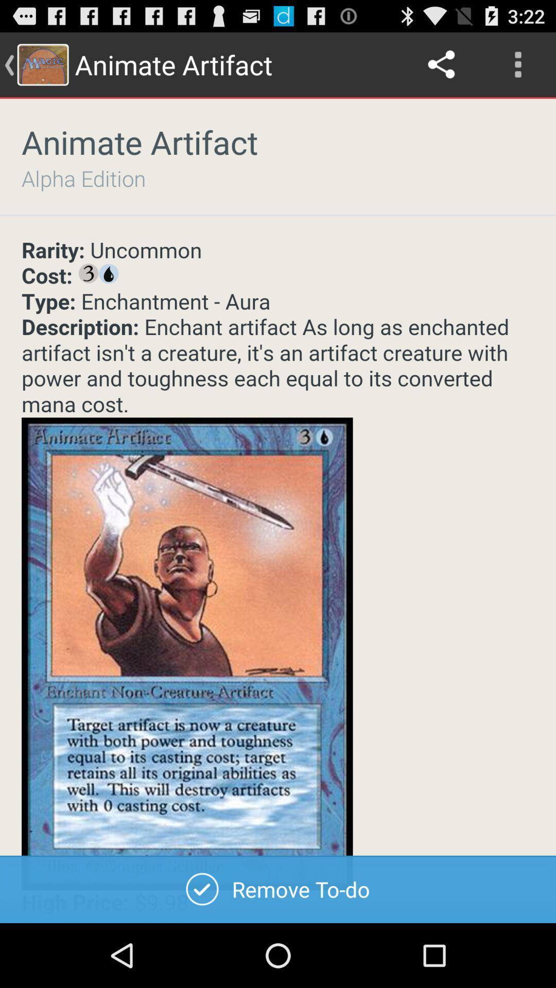 This screenshot has height=988, width=556. Describe the element at coordinates (278, 580) in the screenshot. I see `choose card` at that location.